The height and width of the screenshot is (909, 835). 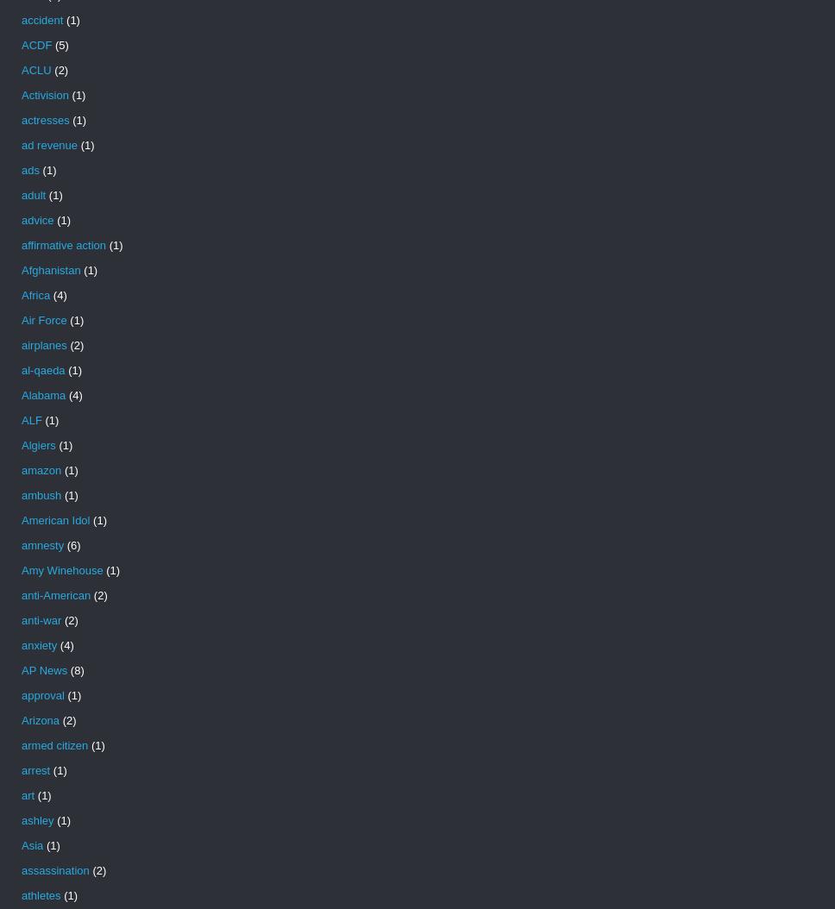 I want to click on 'ad revenue', so click(x=48, y=144).